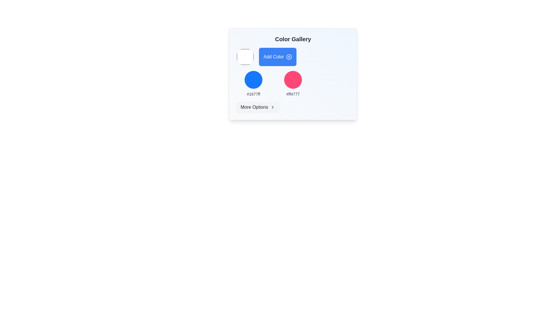 The height and width of the screenshot is (309, 550). I want to click on the vibrant pink circular color representation component located in the bottom right quadrant of the 'Color Gallery' panel, so click(293, 80).